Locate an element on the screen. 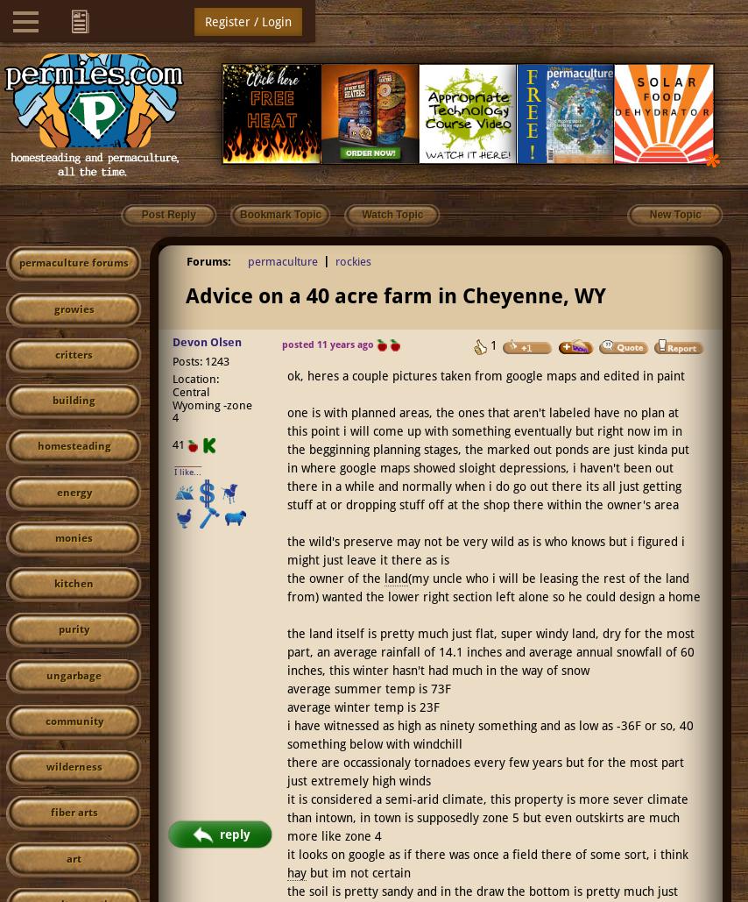  'the owner of the' is located at coordinates (334, 577).